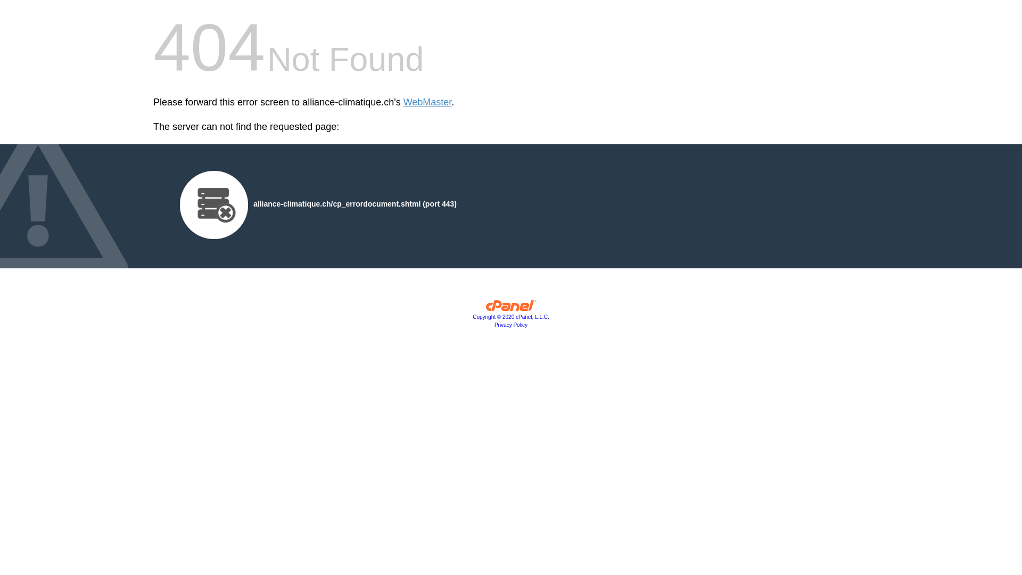  What do you see at coordinates (403, 102) in the screenshot?
I see `'WebMaster'` at bounding box center [403, 102].